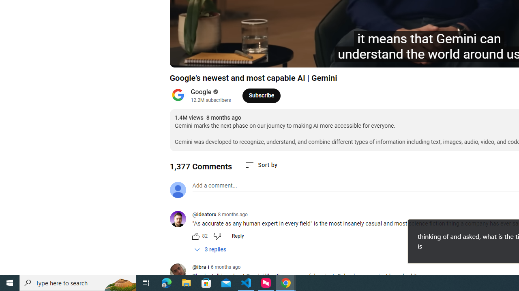  Describe the element at coordinates (237, 236) in the screenshot. I see `'Reply'` at that location.